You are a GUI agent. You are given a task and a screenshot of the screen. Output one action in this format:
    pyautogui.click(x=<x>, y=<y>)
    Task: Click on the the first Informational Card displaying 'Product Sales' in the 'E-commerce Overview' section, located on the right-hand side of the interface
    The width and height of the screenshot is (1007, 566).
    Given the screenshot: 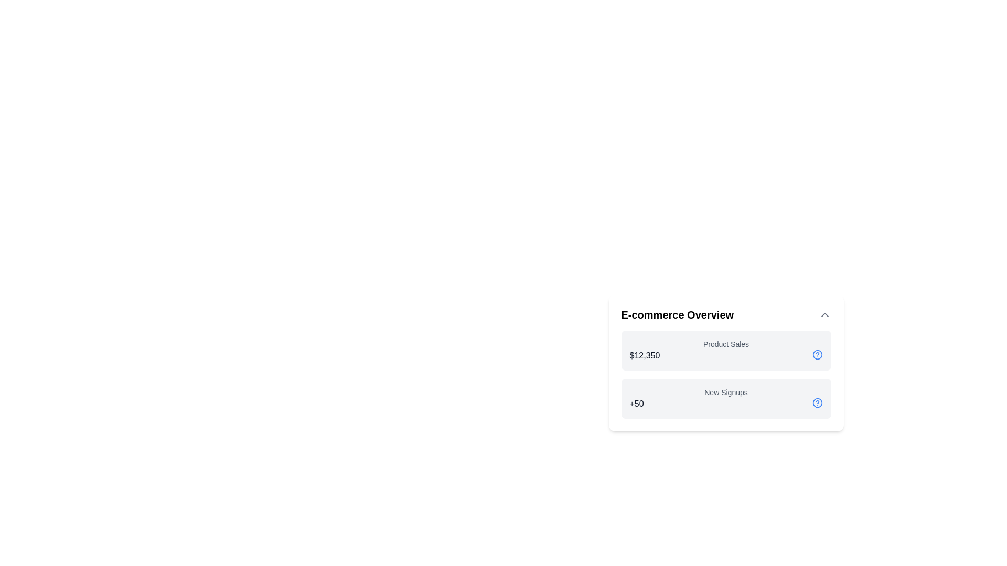 What is the action you would take?
    pyautogui.click(x=725, y=350)
    